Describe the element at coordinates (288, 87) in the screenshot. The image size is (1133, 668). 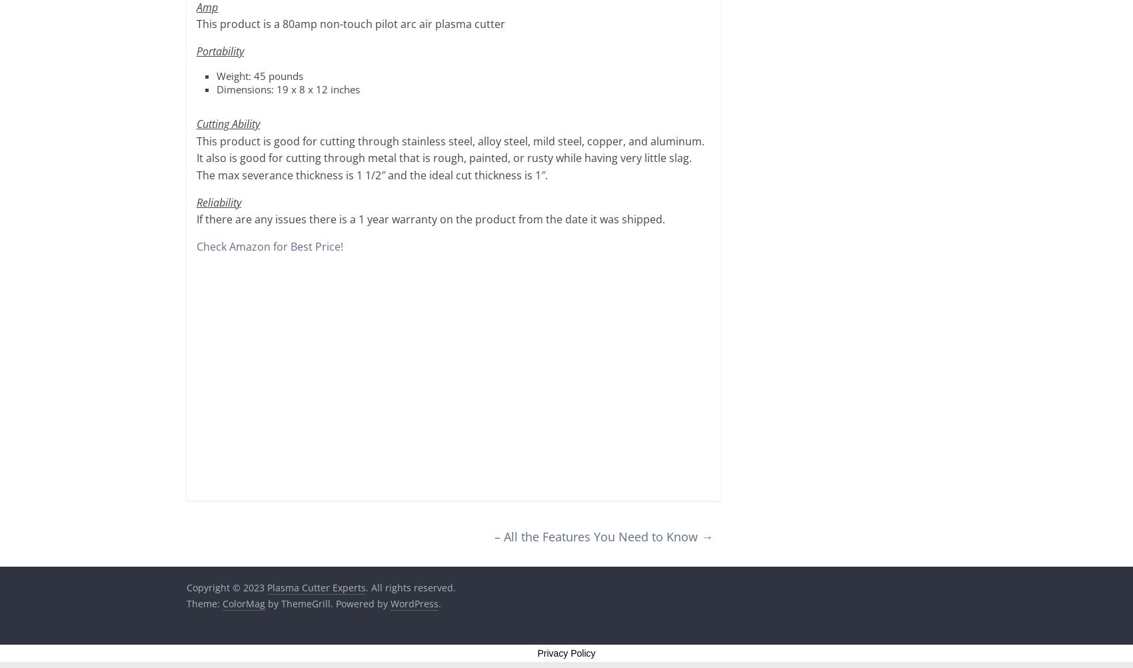
I see `'Dimensions: 19 x 8 x 12 inches'` at that location.